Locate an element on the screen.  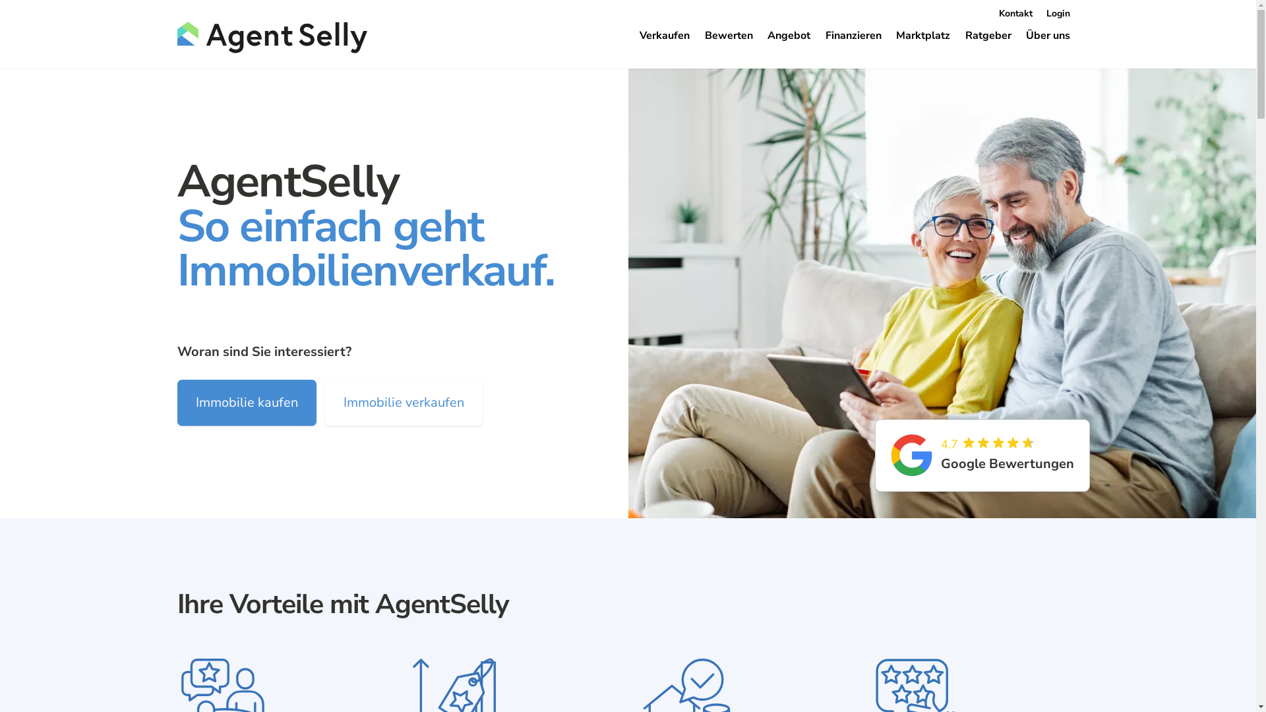
'Kontakt' is located at coordinates (1015, 13).